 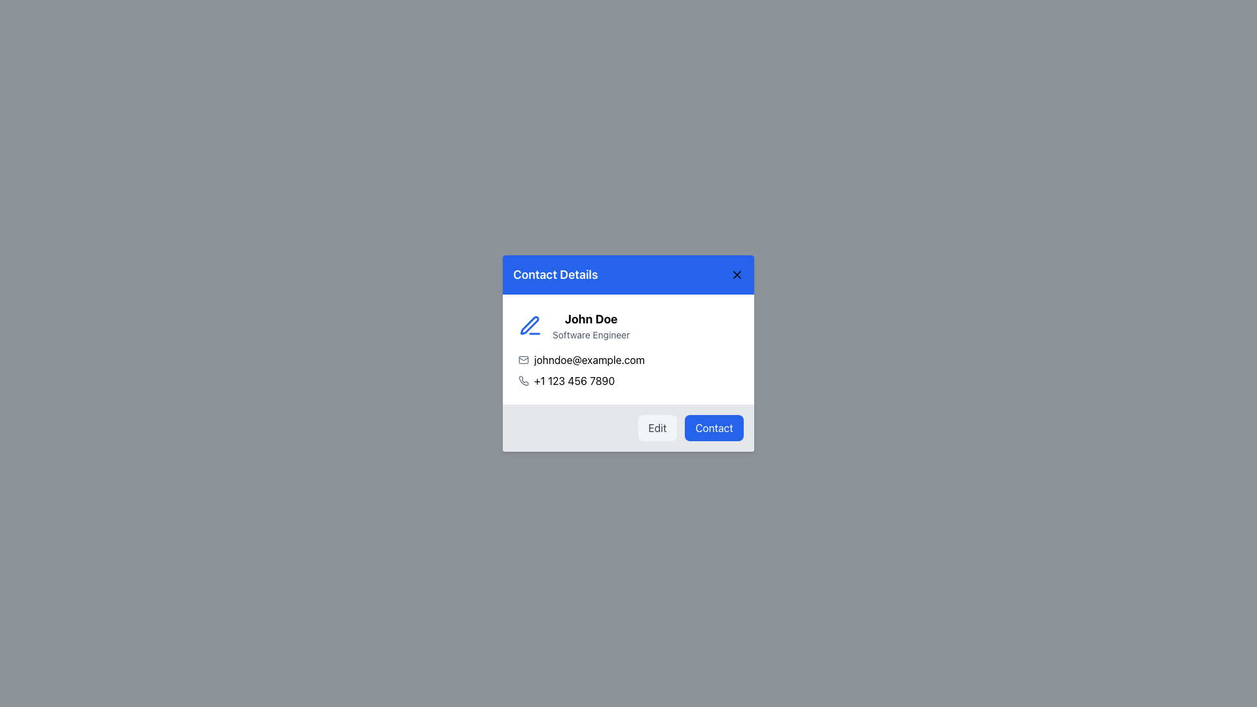 I want to click on the phone number text label '+1 123 456 7890' located in the contact information card, which is directly, so click(x=574, y=381).